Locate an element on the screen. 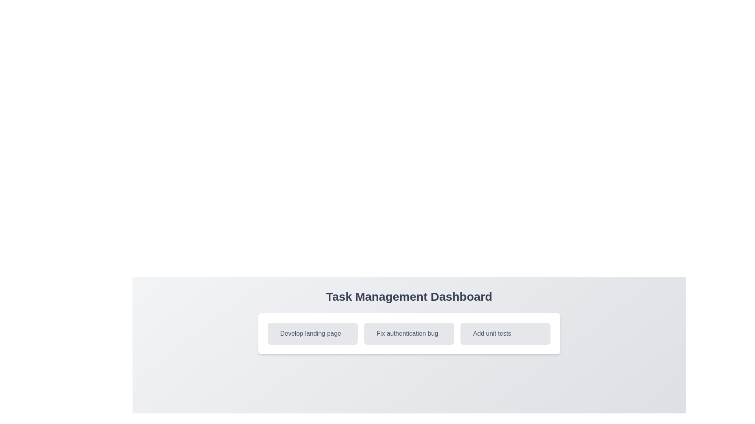 Image resolution: width=755 pixels, height=424 pixels. the vertical rectangular segment of the SVG trash icon within the button labeled 'Add unit tests' is located at coordinates (472, 335).